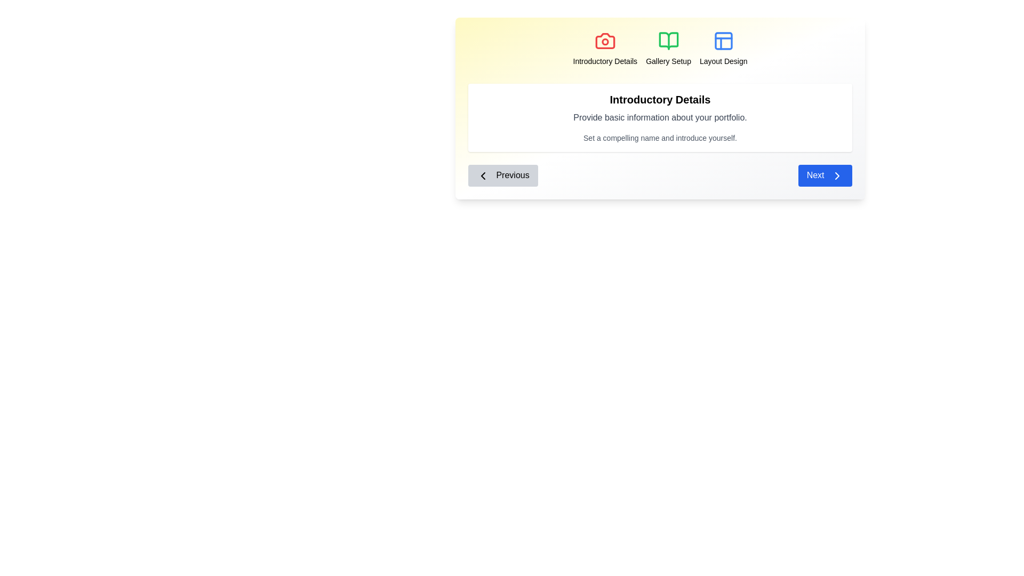  I want to click on the 'Gallery Setup' icon, which is the second icon in the horizontal sequence of icons at the top section of the interface, so click(668, 41).